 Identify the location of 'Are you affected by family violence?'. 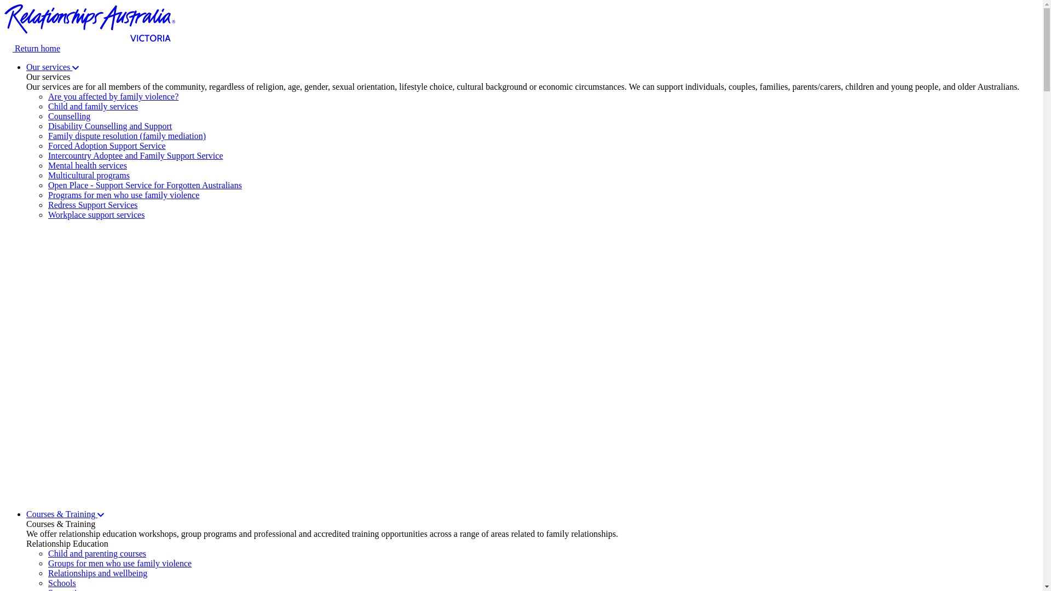
(47, 96).